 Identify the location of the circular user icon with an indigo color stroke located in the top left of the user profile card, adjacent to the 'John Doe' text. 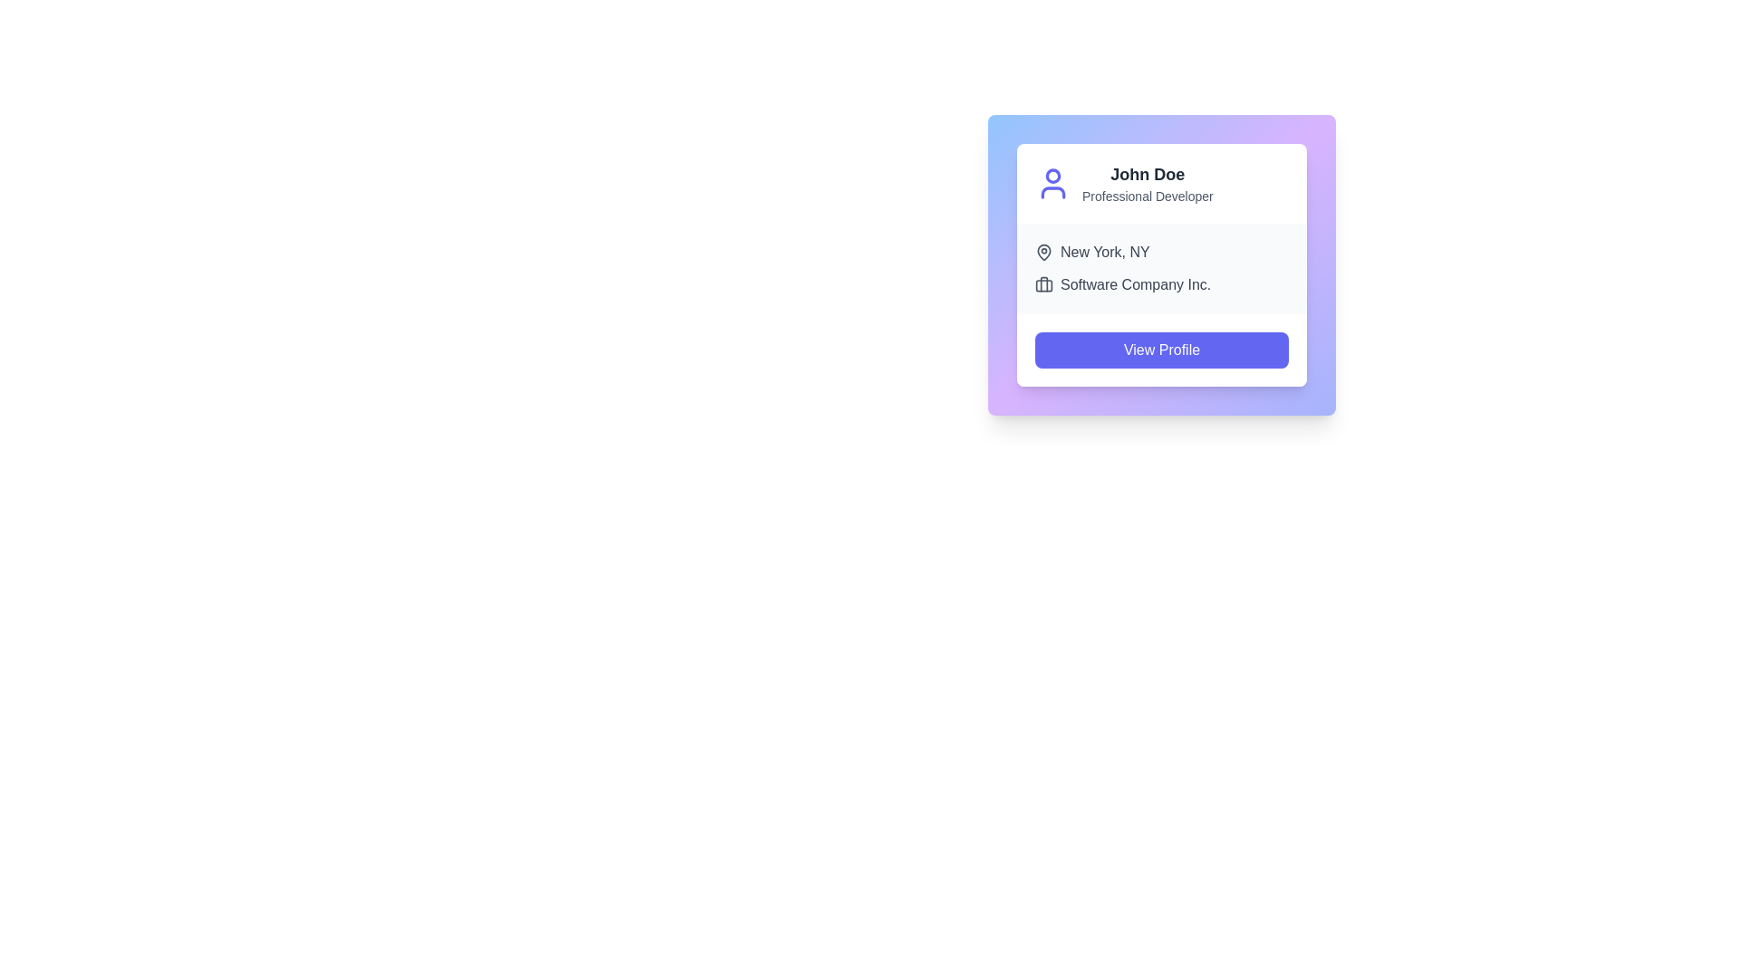
(1052, 184).